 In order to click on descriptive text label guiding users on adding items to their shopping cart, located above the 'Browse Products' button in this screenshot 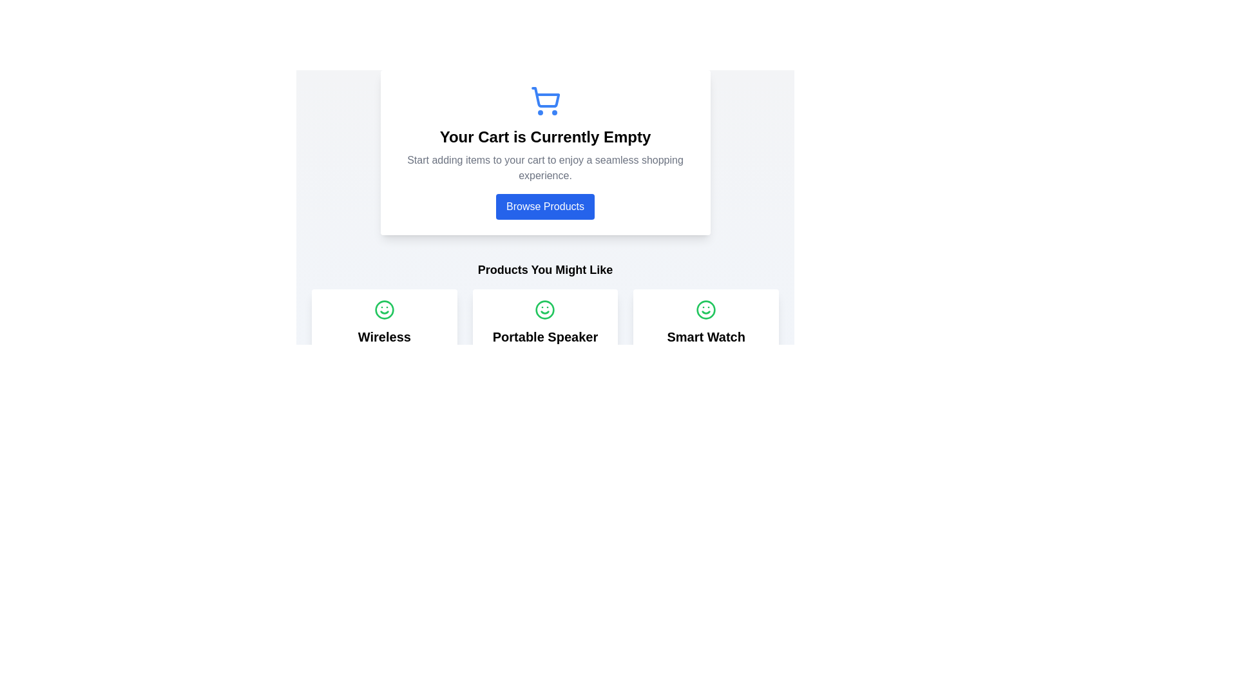, I will do `click(545, 168)`.